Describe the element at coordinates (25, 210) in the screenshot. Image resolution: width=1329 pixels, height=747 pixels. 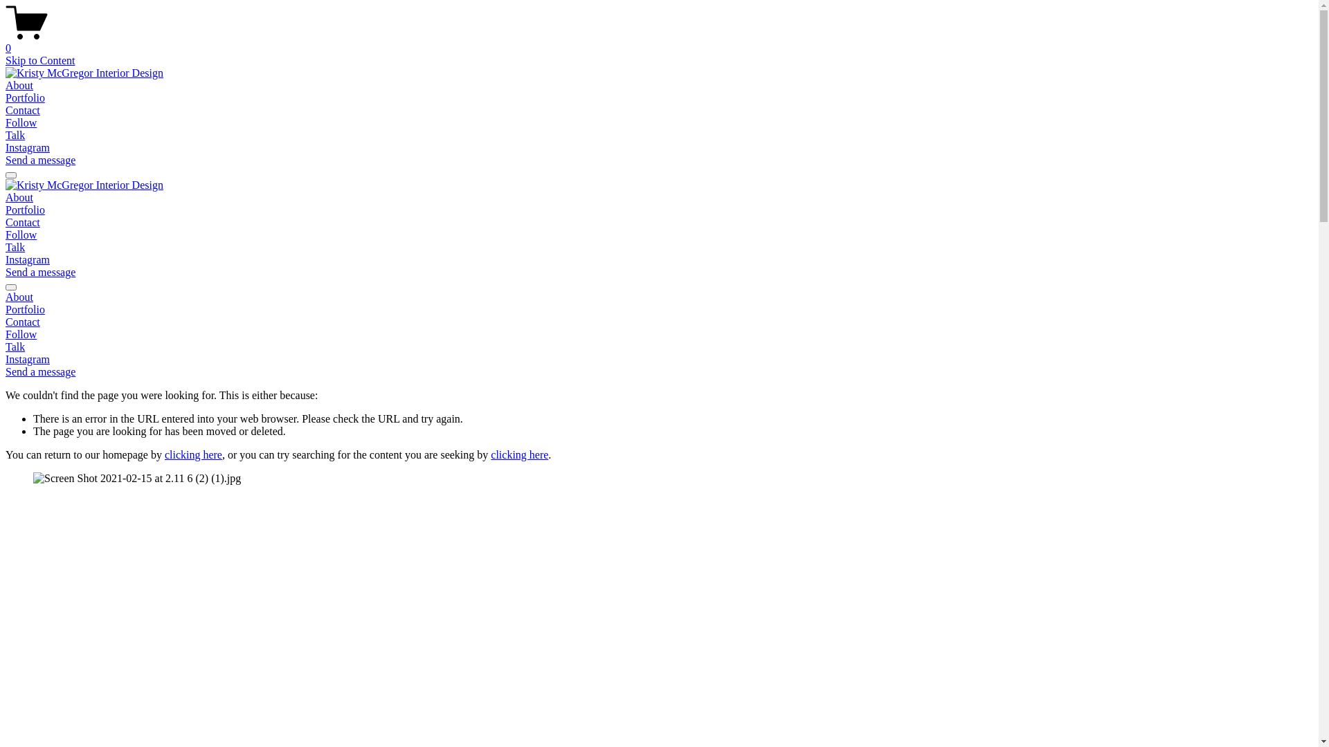
I see `'Portfolio'` at that location.